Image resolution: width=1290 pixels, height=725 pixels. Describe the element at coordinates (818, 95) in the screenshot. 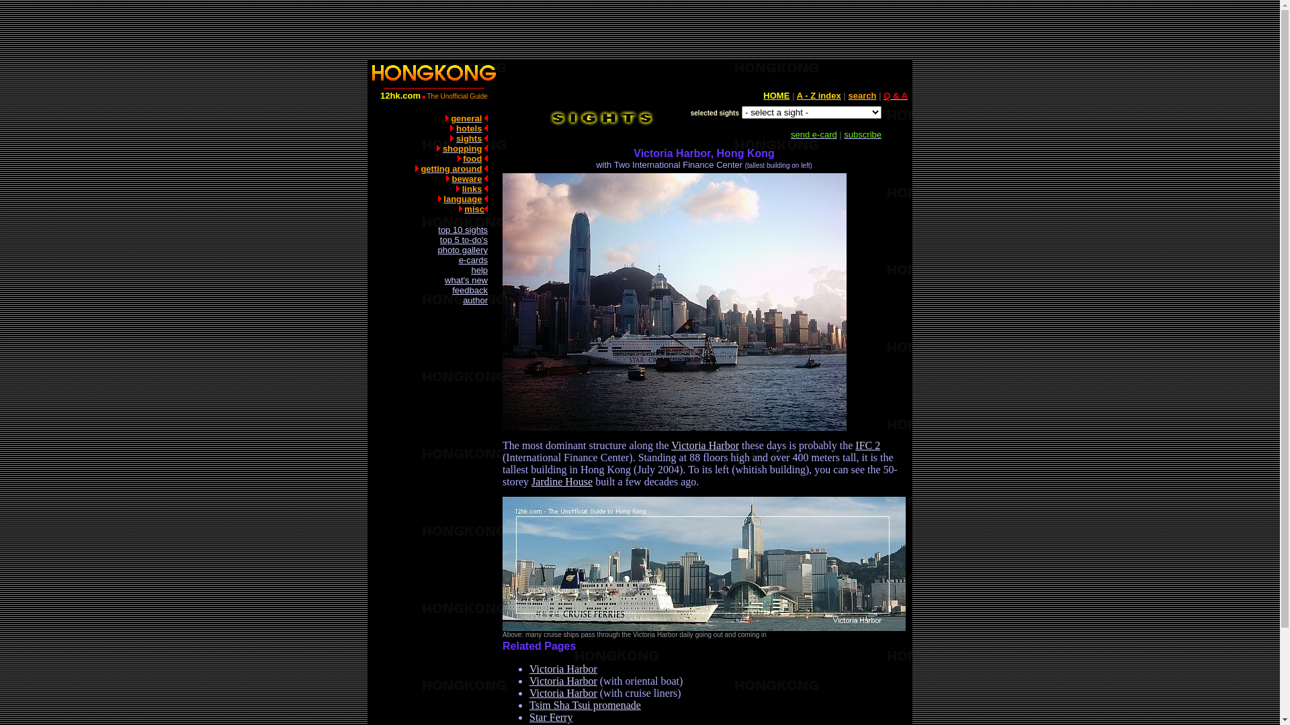

I see `'A - Z index'` at that location.